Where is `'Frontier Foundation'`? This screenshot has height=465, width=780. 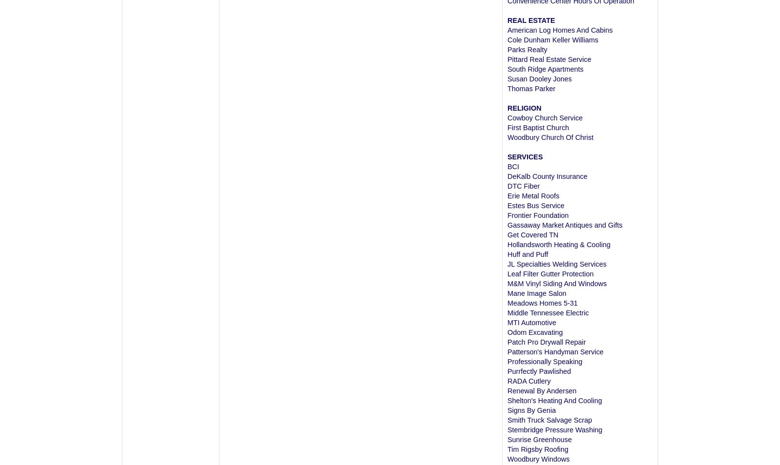
'Frontier Foundation' is located at coordinates (538, 215).